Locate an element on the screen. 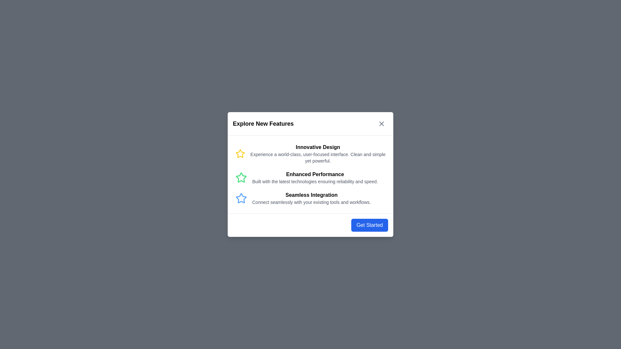 The height and width of the screenshot is (349, 621). content in the Feature highlight section of the dialog titled 'Explore New Features', which is located at the center of the dialog, above the 'Get Started' button is located at coordinates (310, 174).